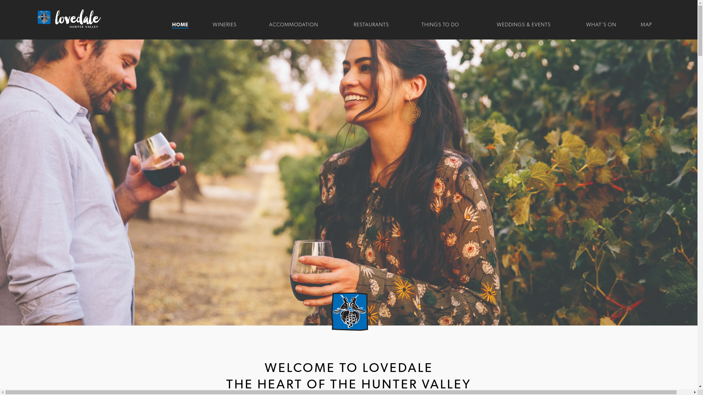  I want to click on 'WINERIES', so click(224, 25).